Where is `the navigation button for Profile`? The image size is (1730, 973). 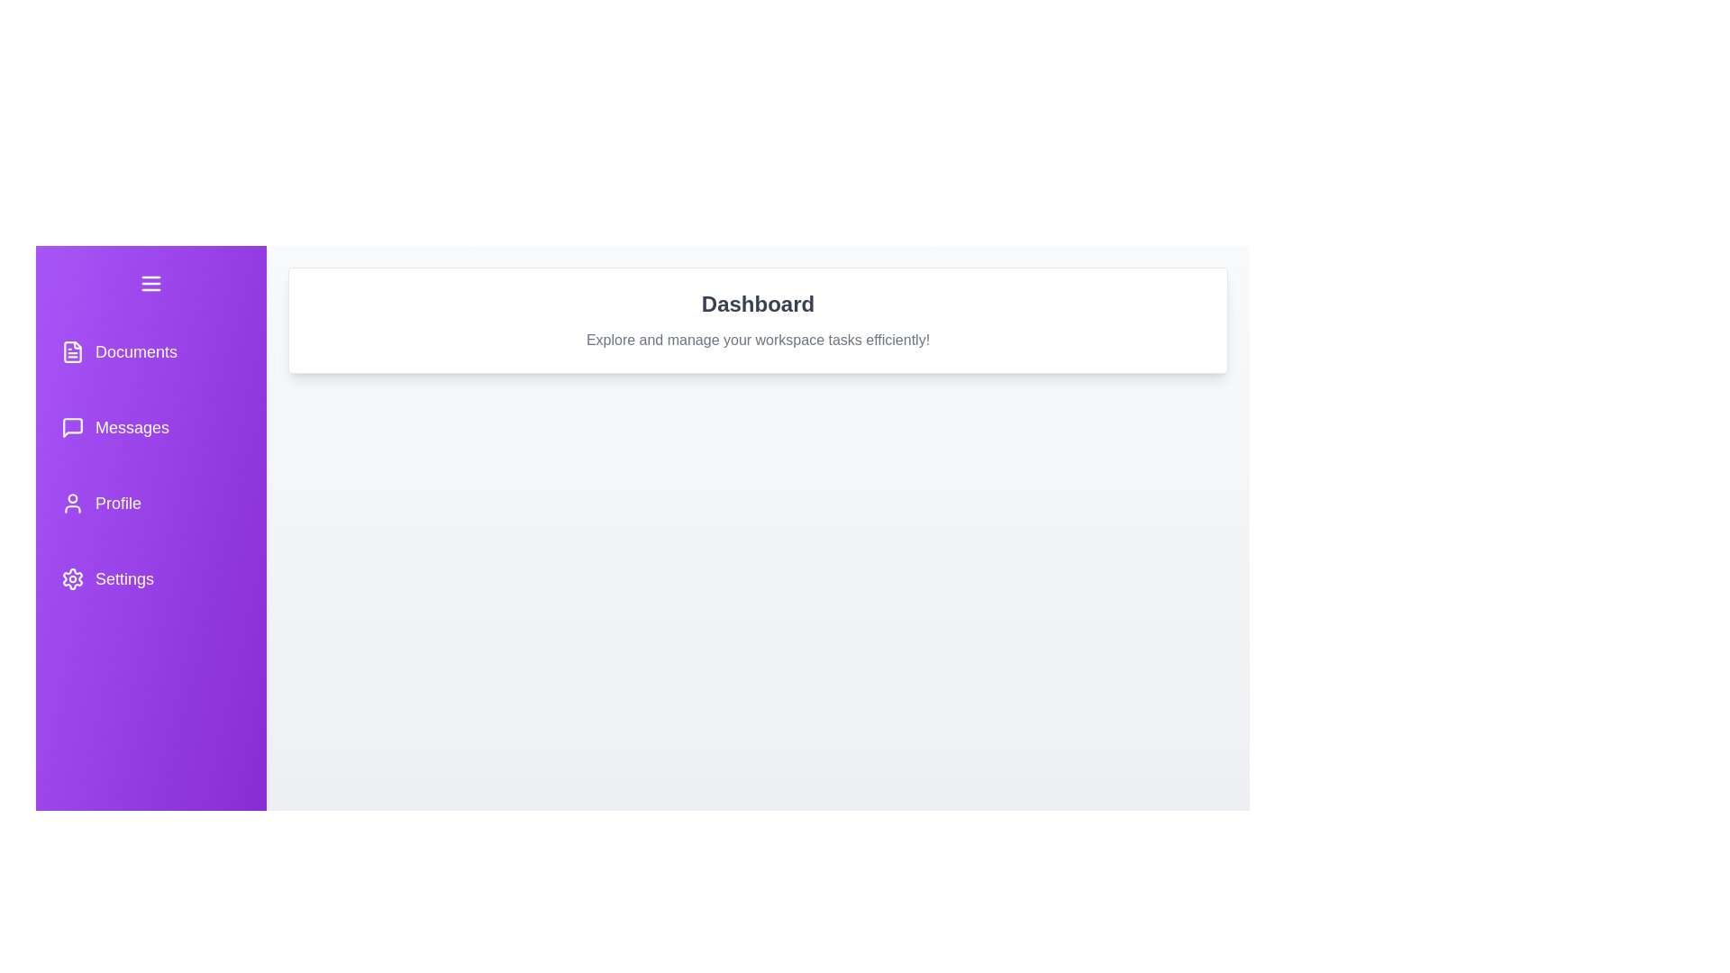 the navigation button for Profile is located at coordinates (151, 504).